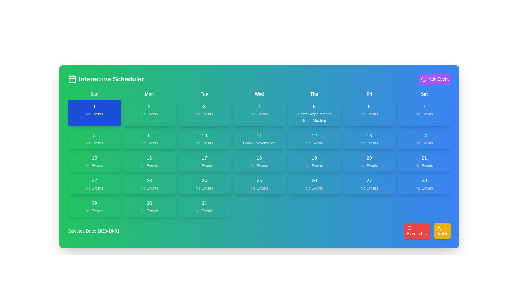 The height and width of the screenshot is (290, 516). What do you see at coordinates (204, 135) in the screenshot?
I see `the Text label displaying the date '10' in the calendar interface, which is centrally positioned within the grid cell for October 10th` at bounding box center [204, 135].